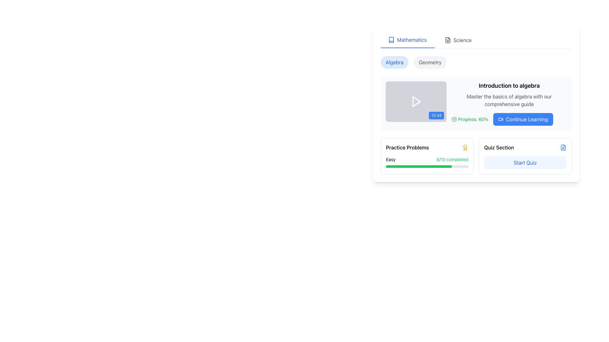  Describe the element at coordinates (391, 39) in the screenshot. I see `the book icon in the navigational bar, which is the first icon on the left and features a clean, outlined design` at that location.